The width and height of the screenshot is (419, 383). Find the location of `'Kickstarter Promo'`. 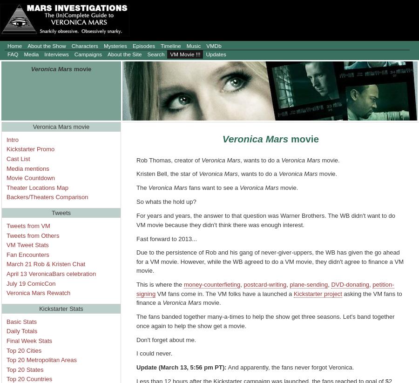

'Kickstarter Promo' is located at coordinates (6, 148).